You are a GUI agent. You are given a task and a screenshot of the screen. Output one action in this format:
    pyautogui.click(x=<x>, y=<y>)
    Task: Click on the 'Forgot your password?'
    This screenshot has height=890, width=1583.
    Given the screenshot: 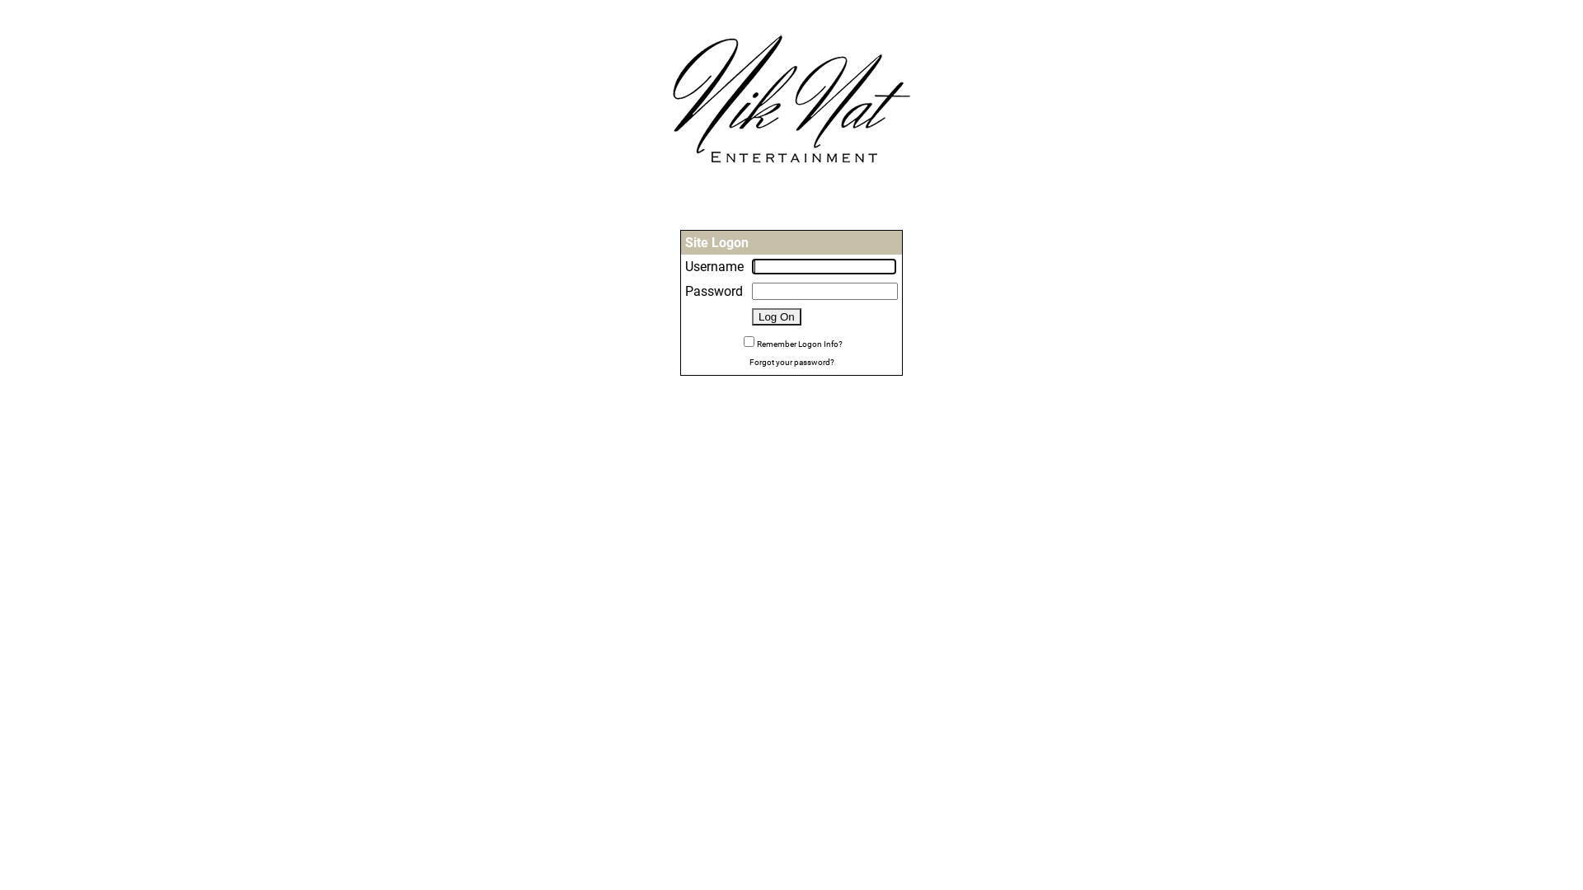 What is the action you would take?
    pyautogui.click(x=790, y=359)
    